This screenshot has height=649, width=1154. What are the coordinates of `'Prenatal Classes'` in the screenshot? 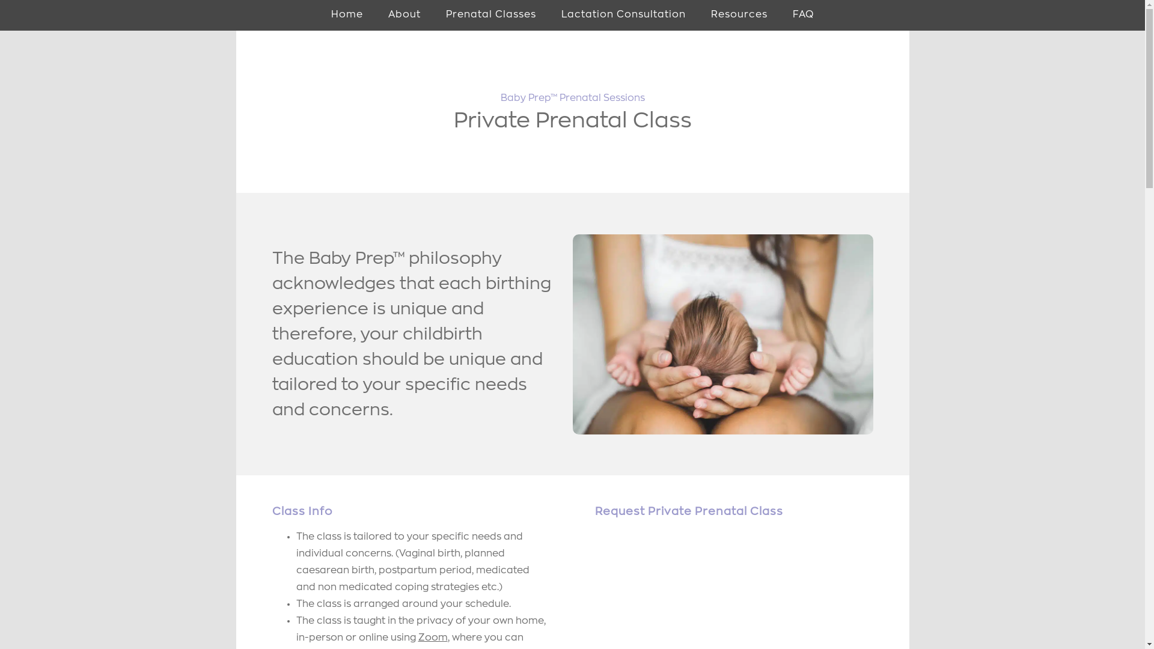 It's located at (433, 15).